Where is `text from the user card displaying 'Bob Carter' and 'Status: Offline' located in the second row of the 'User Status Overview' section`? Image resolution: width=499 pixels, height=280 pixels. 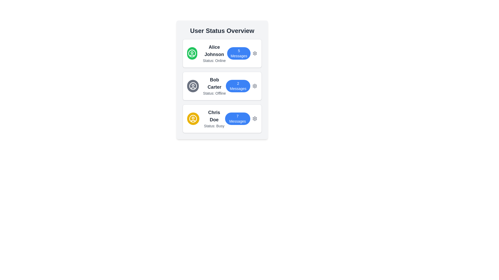 text from the user card displaying 'Bob Carter' and 'Status: Offline' located in the second row of the 'User Status Overview' section is located at coordinates (214, 86).